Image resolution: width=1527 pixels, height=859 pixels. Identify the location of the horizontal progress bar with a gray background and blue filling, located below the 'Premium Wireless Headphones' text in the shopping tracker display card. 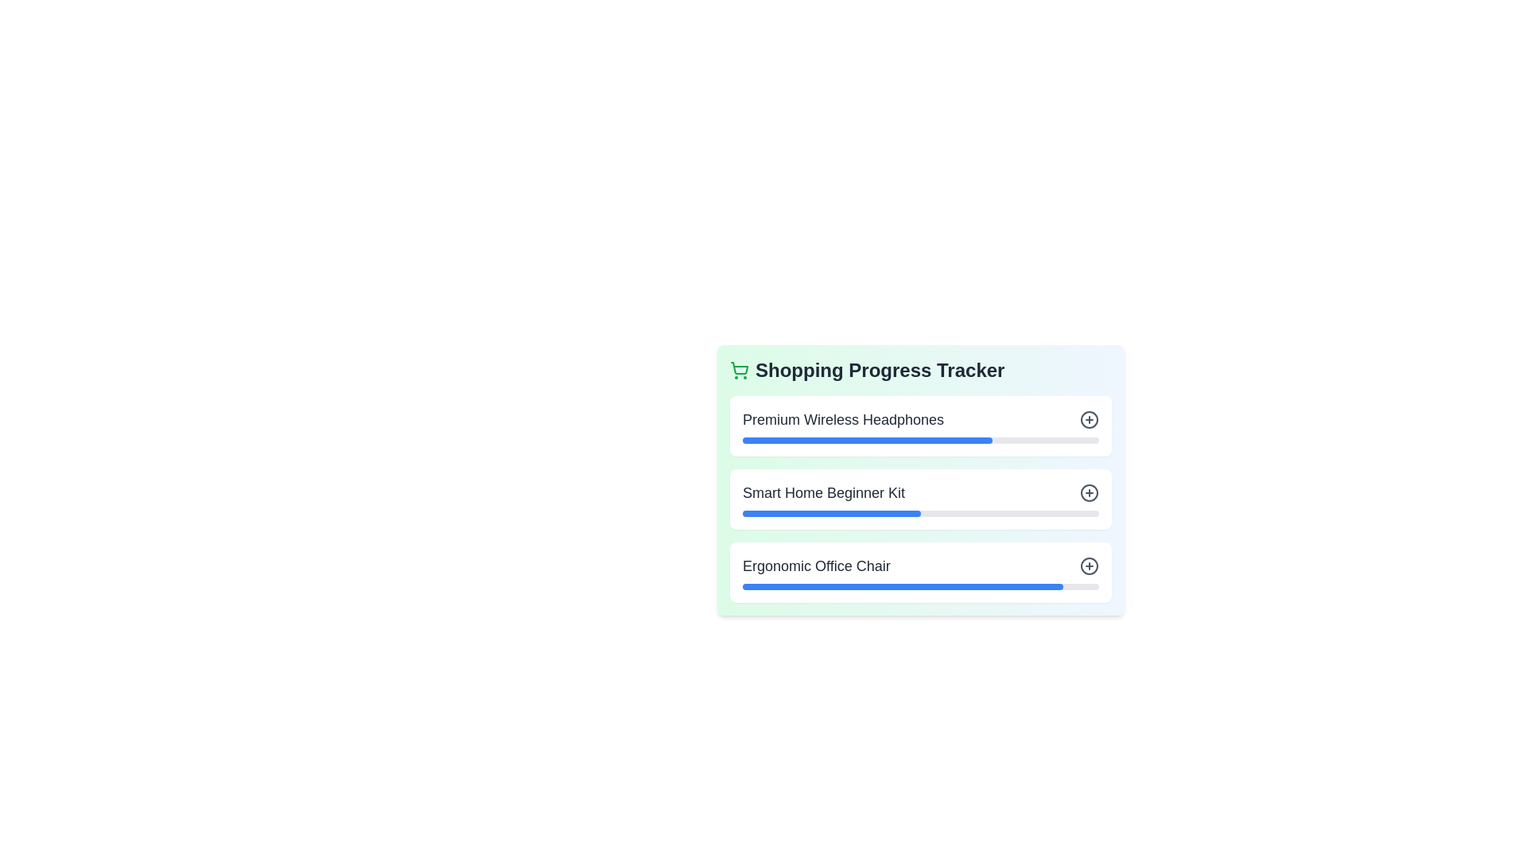
(920, 441).